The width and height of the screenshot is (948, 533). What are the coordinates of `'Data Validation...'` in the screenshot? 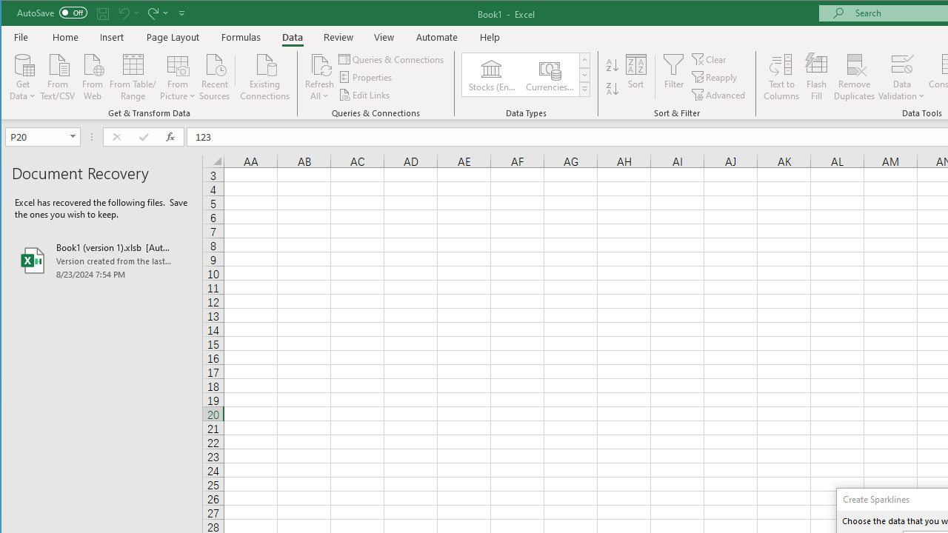 It's located at (901, 63).